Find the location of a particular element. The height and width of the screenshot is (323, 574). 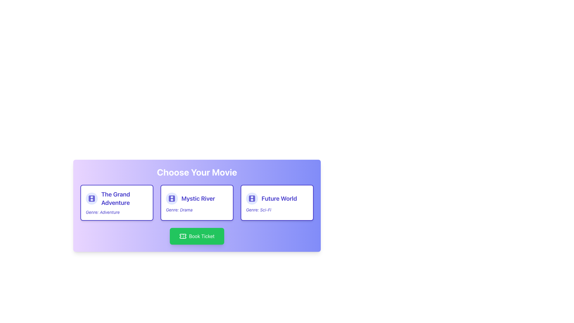

the movie icon representing 'Mystic River' located in the top-left of the central card is located at coordinates (172, 198).